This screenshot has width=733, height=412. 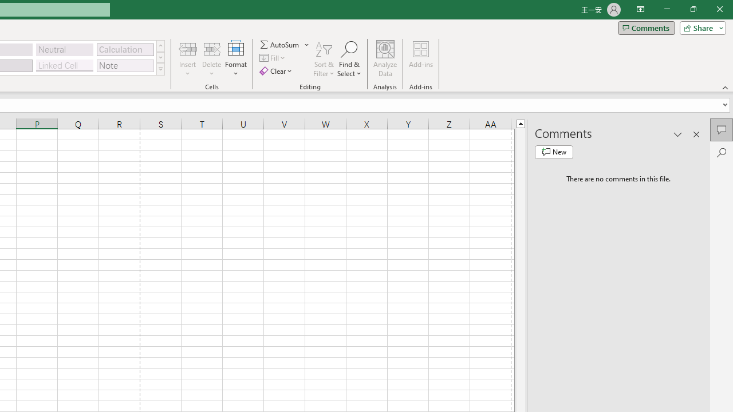 I want to click on 'Calculation', so click(x=125, y=49).